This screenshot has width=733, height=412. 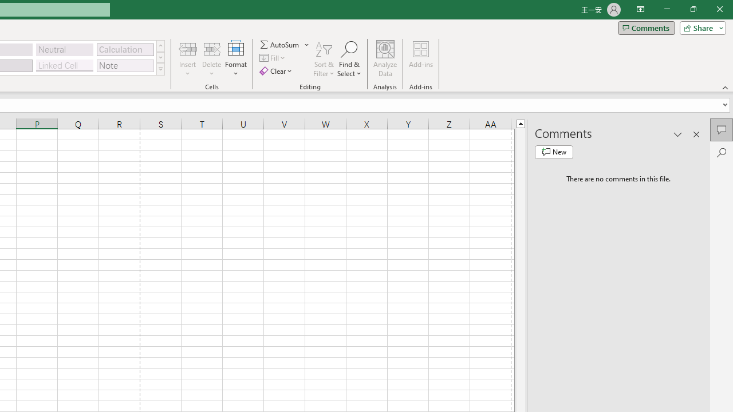 I want to click on 'Calculation', so click(x=125, y=49).